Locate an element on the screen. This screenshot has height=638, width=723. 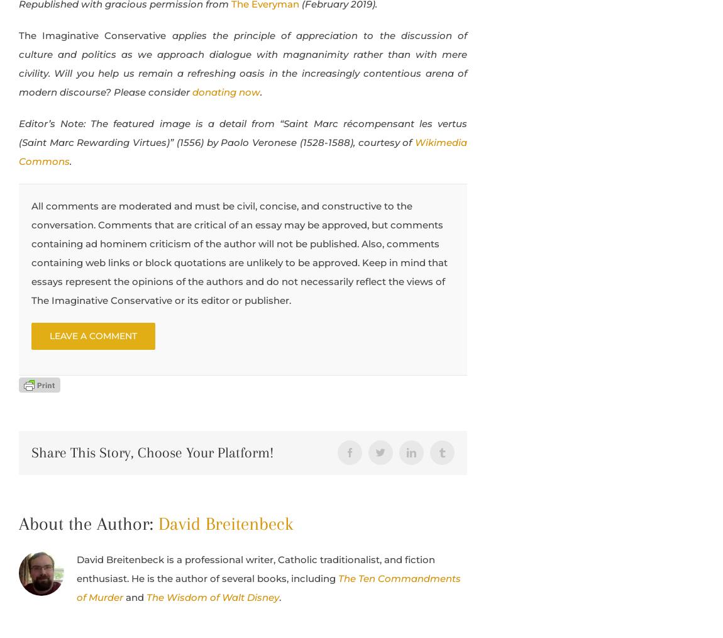
'and' is located at coordinates (134, 596).